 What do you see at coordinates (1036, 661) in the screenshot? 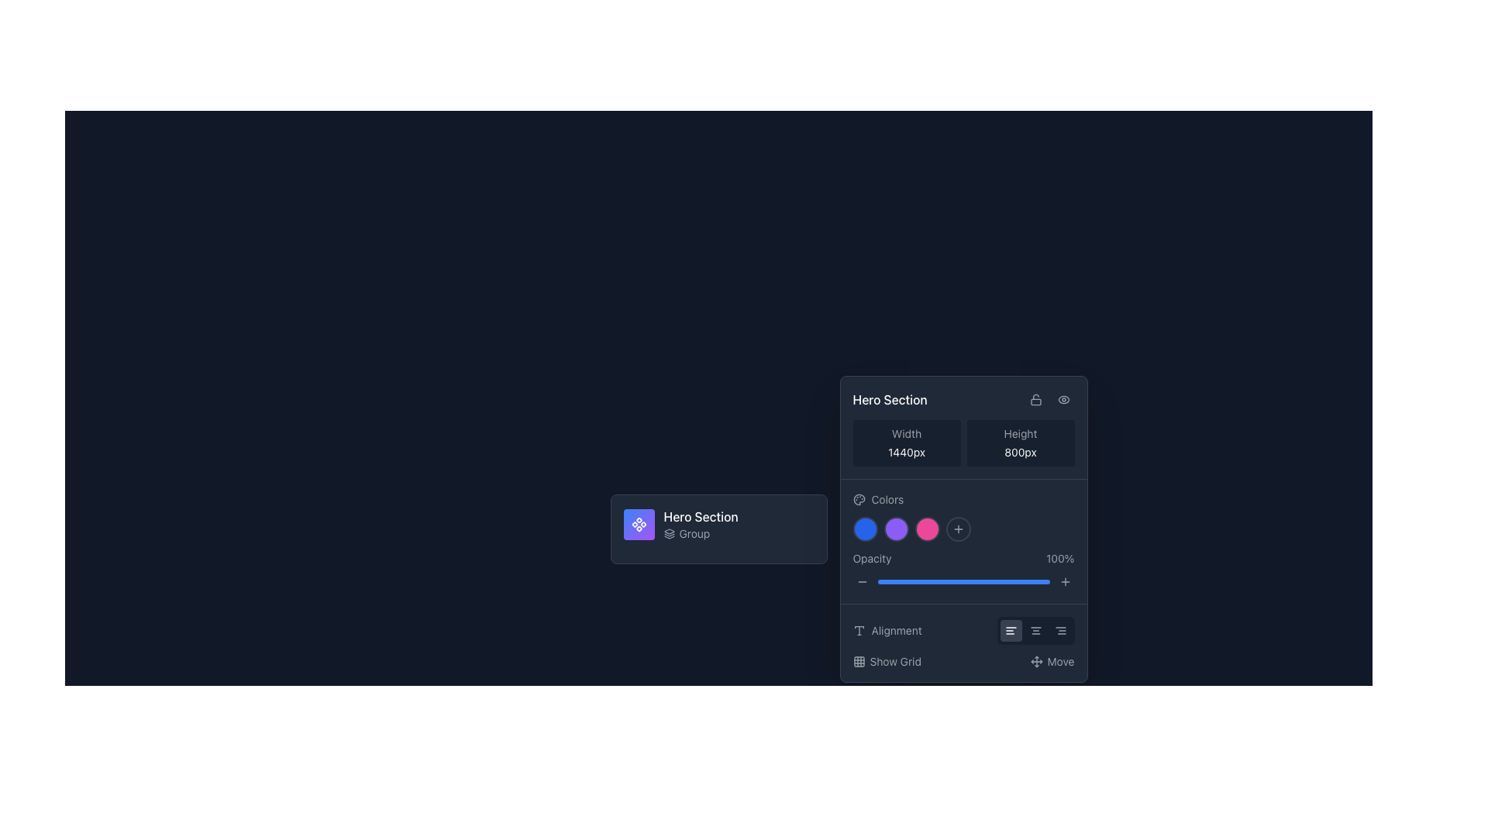
I see `the move icon located` at bounding box center [1036, 661].